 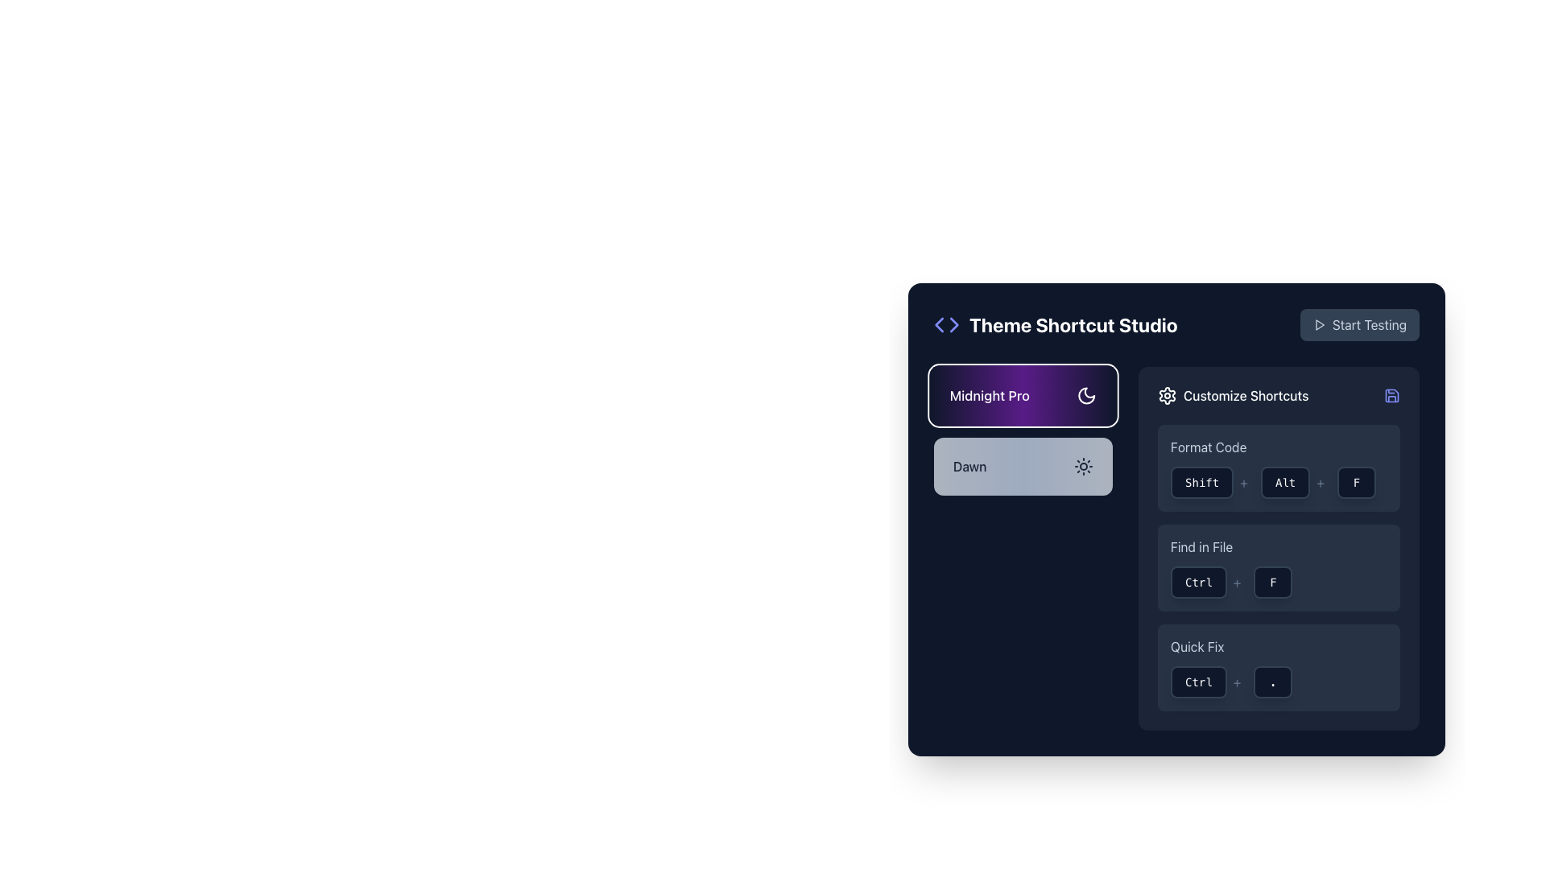 I want to click on the Text Display Button that displays the character 'F' in white font on a dark slate background, which is part of the keyboard shortcut display for 'Shift + Alt + F', so click(x=1355, y=482).